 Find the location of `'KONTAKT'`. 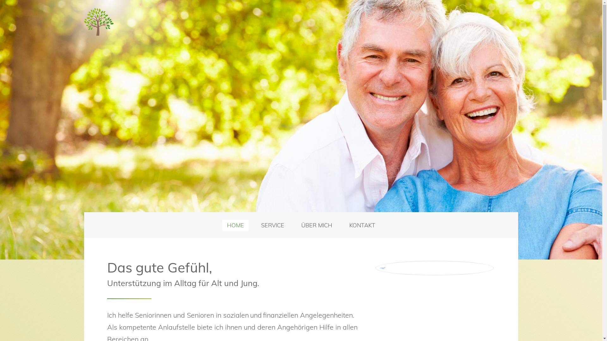

'KONTAKT' is located at coordinates (344, 225).